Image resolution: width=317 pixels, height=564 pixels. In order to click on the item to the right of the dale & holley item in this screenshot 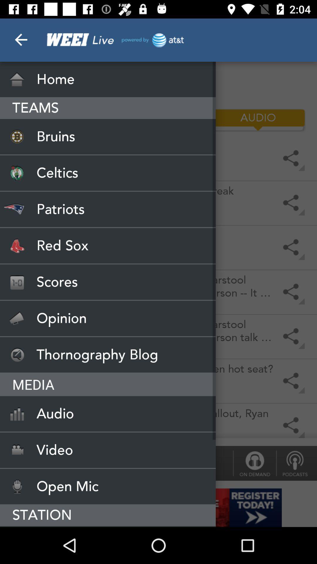, I will do `click(254, 463)`.